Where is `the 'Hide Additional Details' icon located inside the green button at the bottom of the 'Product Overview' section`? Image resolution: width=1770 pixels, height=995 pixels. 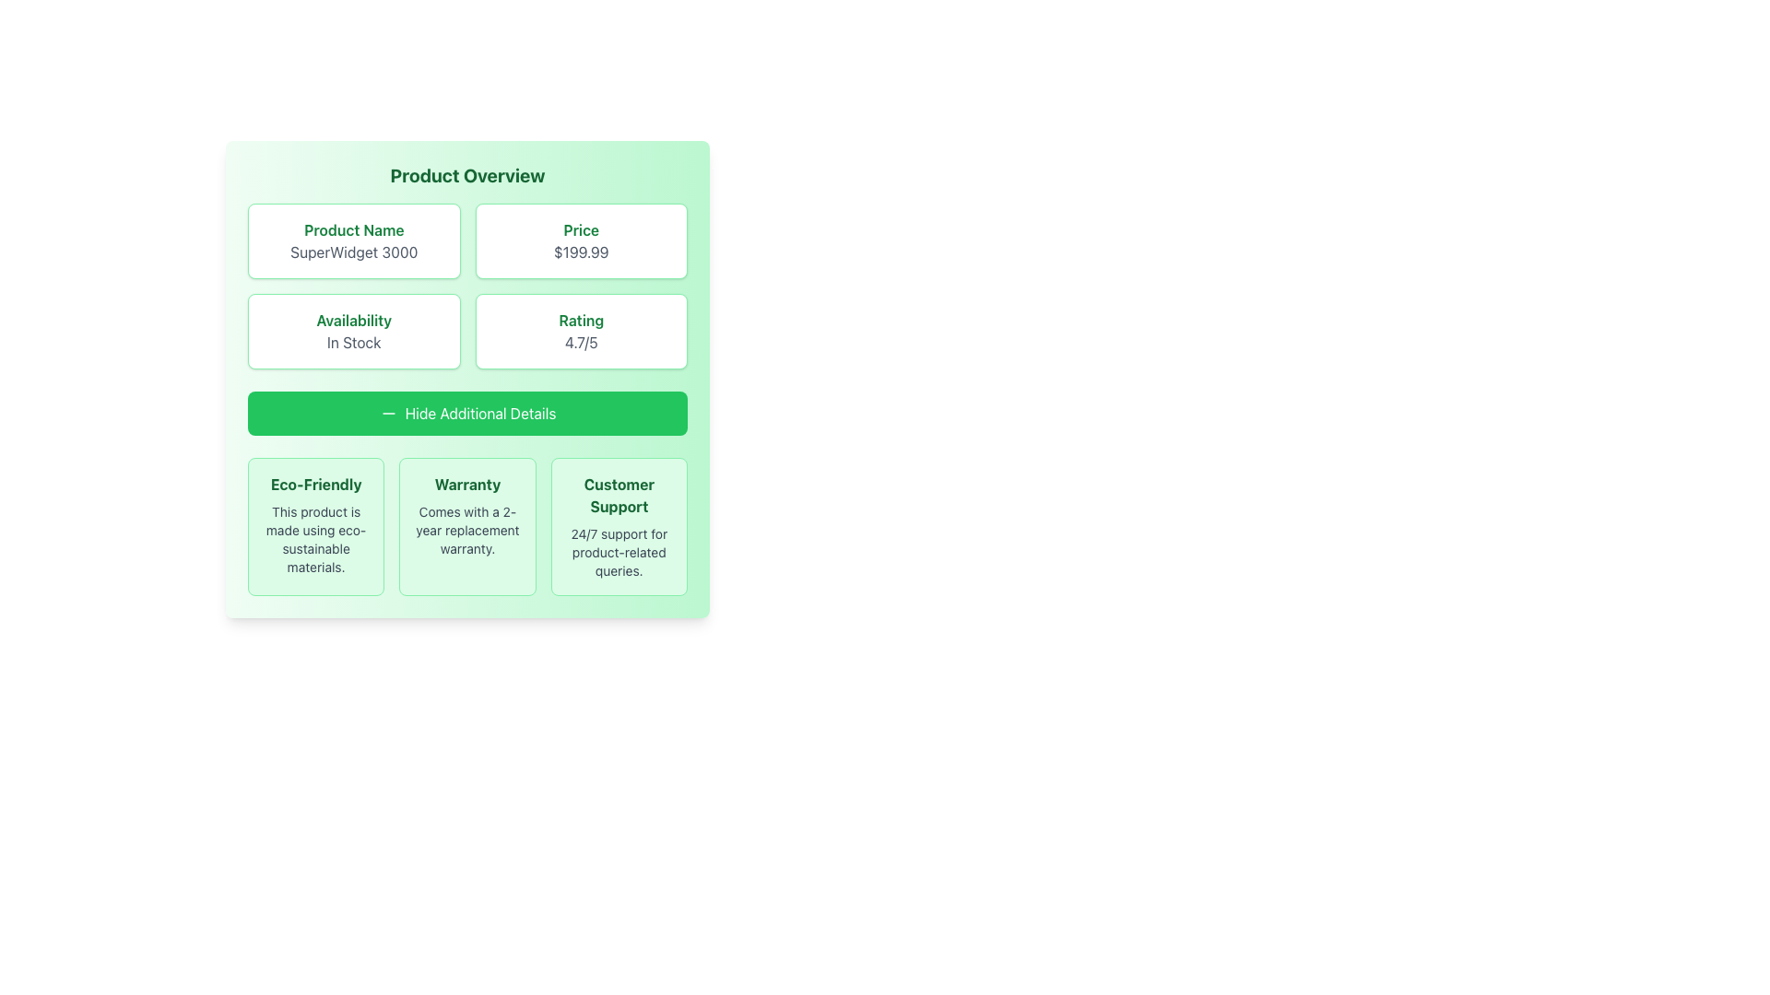 the 'Hide Additional Details' icon located inside the green button at the bottom of the 'Product Overview' section is located at coordinates (387, 412).